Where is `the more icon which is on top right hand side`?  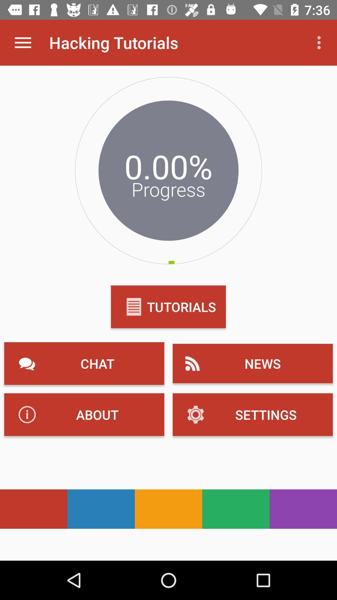
the more icon which is on top right hand side is located at coordinates (320, 42).